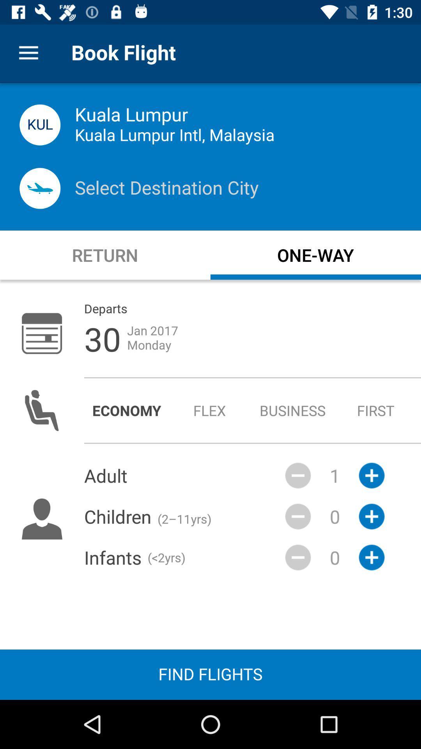 The width and height of the screenshot is (421, 749). Describe the element at coordinates (209, 410) in the screenshot. I see `the flex item` at that location.